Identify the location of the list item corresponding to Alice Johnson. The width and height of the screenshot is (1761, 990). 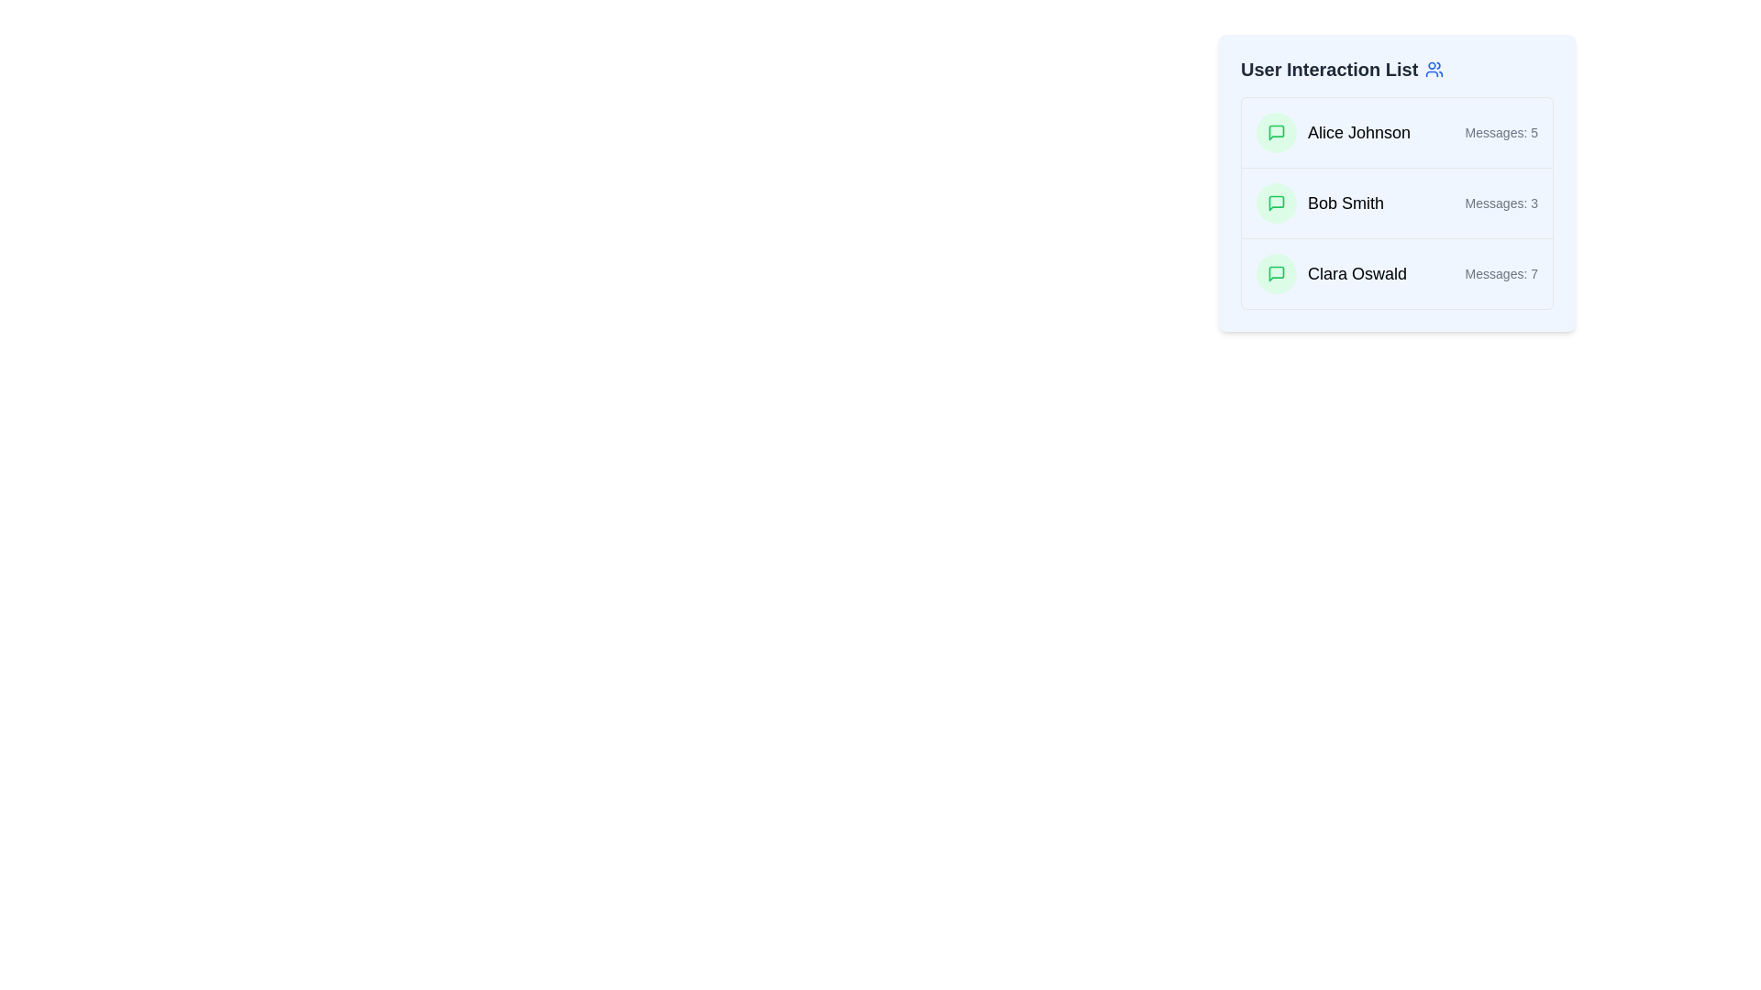
(1396, 132).